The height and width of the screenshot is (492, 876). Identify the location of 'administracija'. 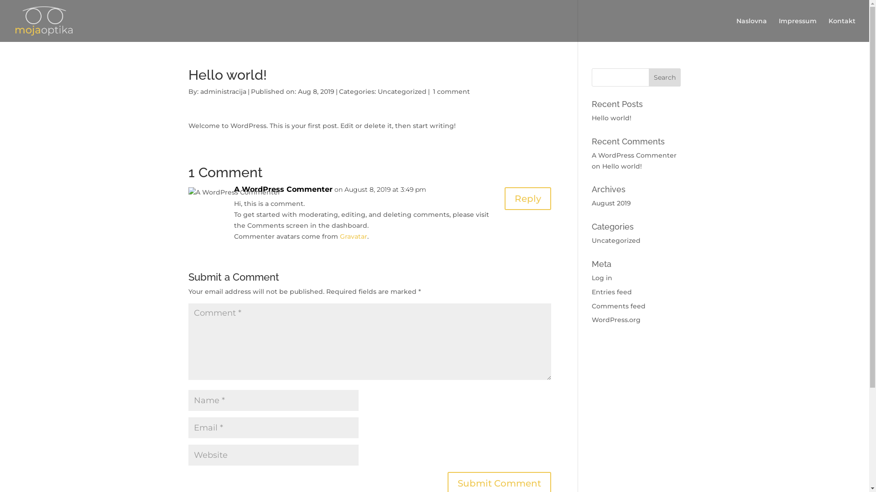
(223, 91).